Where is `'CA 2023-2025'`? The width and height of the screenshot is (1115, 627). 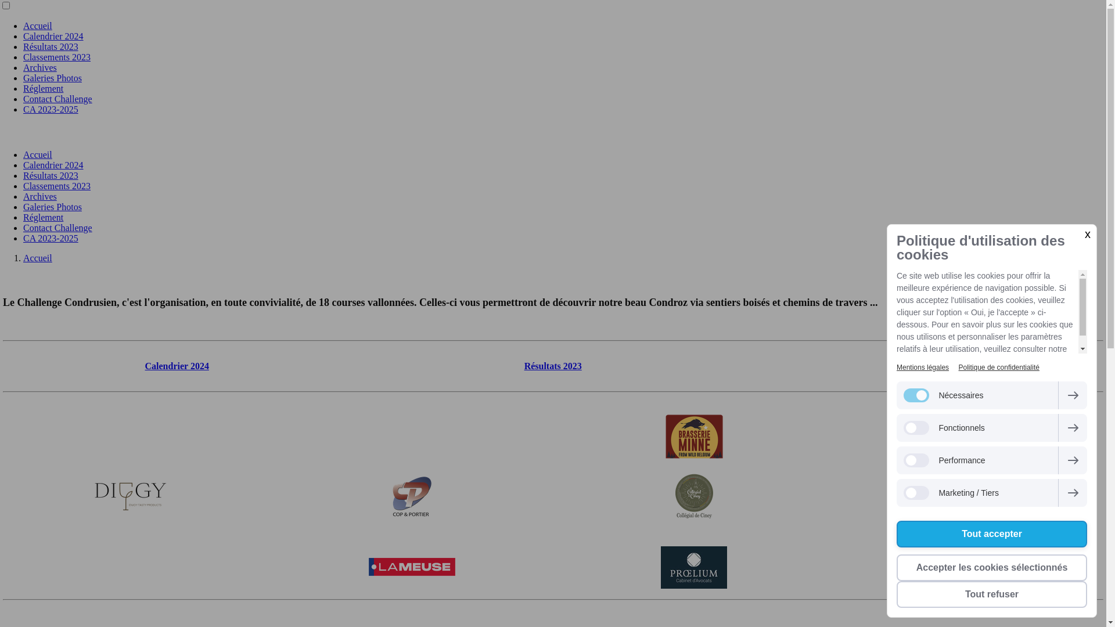 'CA 2023-2025' is located at coordinates (50, 109).